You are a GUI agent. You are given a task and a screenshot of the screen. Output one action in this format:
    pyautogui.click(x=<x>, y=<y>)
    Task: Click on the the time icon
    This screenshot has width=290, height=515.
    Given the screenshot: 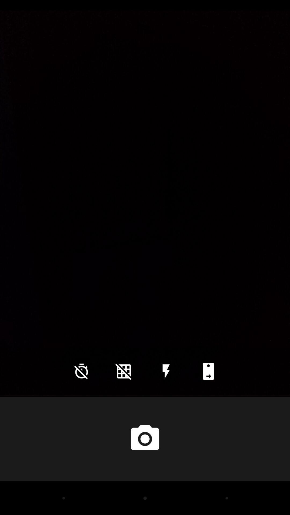 What is the action you would take?
    pyautogui.click(x=81, y=371)
    